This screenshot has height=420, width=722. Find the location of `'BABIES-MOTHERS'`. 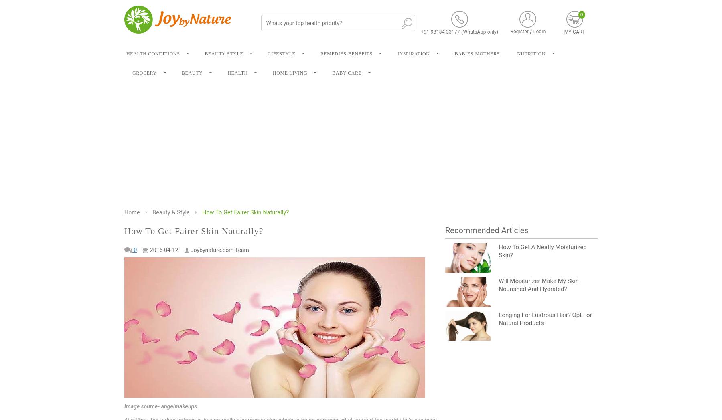

'BABIES-MOTHERS' is located at coordinates (477, 54).